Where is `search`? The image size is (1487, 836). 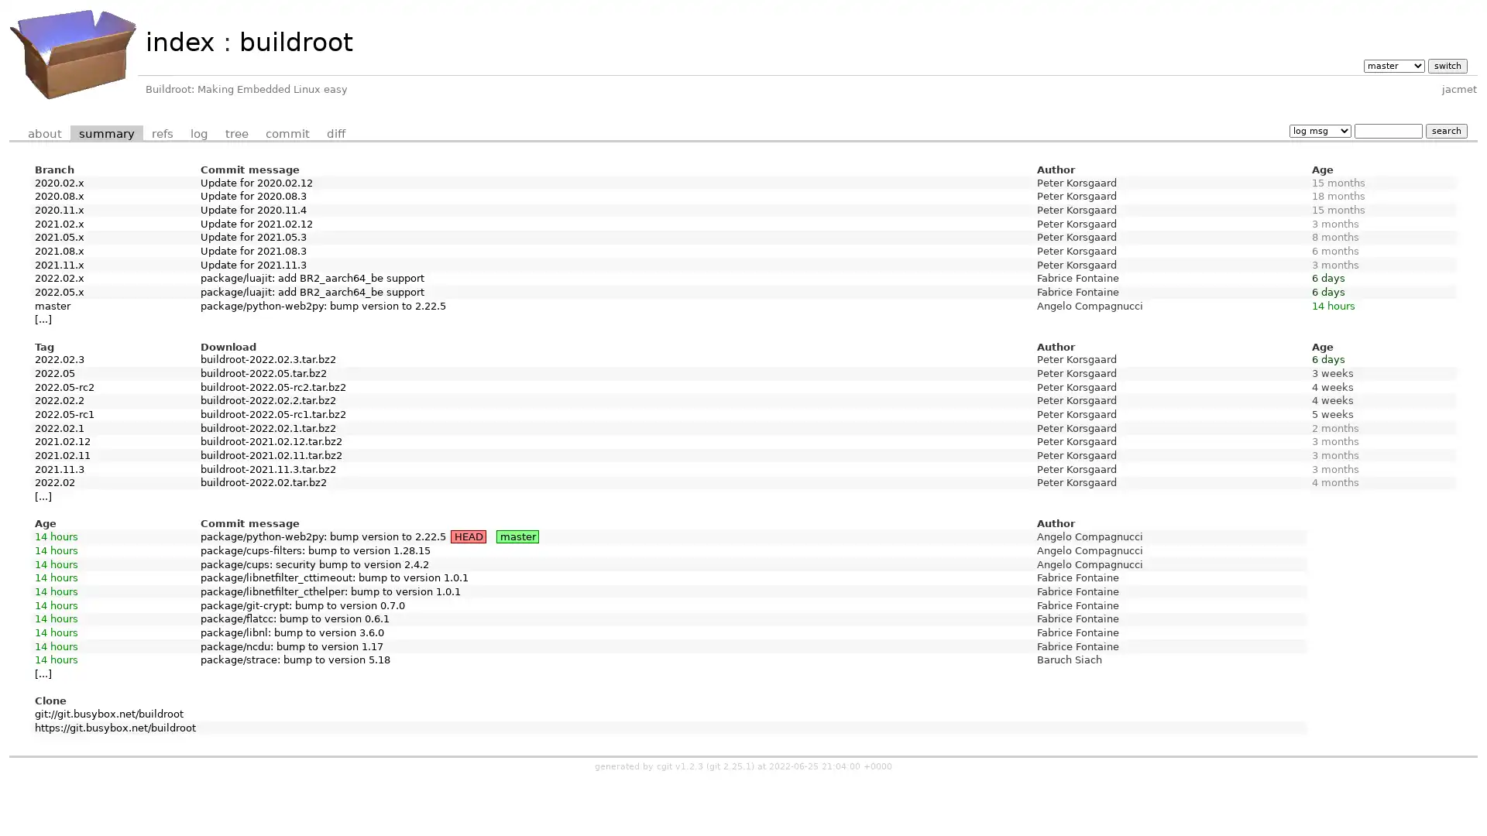 search is located at coordinates (1445, 129).